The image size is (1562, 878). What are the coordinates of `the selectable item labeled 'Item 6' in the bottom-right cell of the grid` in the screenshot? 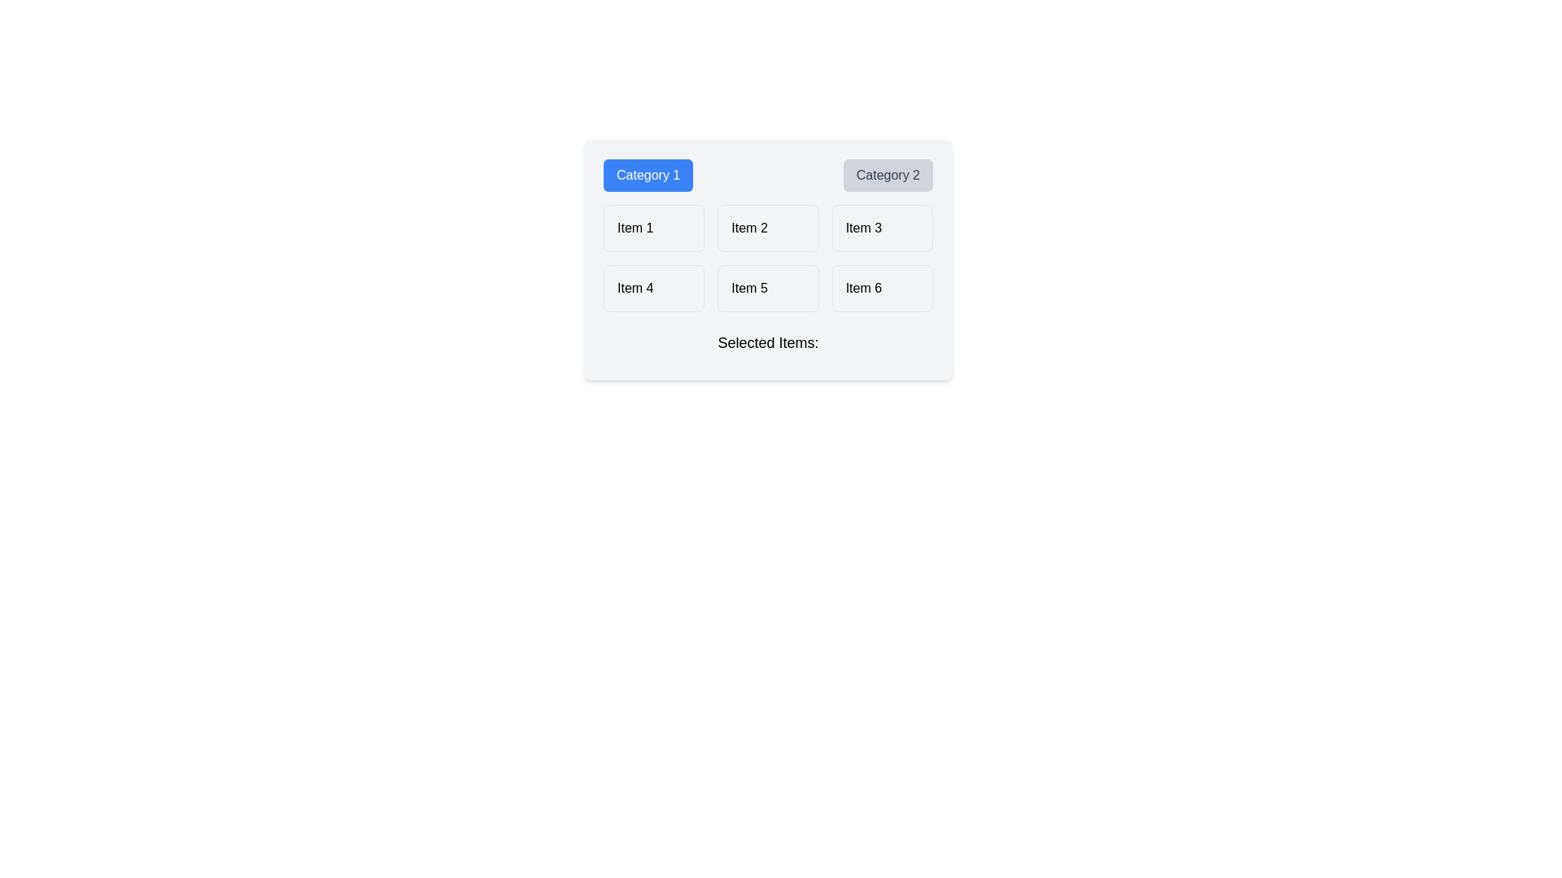 It's located at (881, 287).